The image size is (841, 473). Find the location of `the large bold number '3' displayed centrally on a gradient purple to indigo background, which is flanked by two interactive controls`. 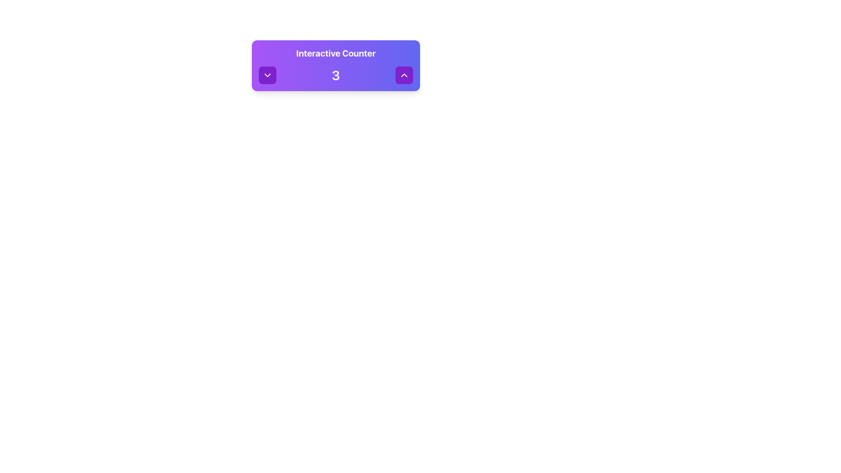

the large bold number '3' displayed centrally on a gradient purple to indigo background, which is flanked by two interactive controls is located at coordinates (336, 75).